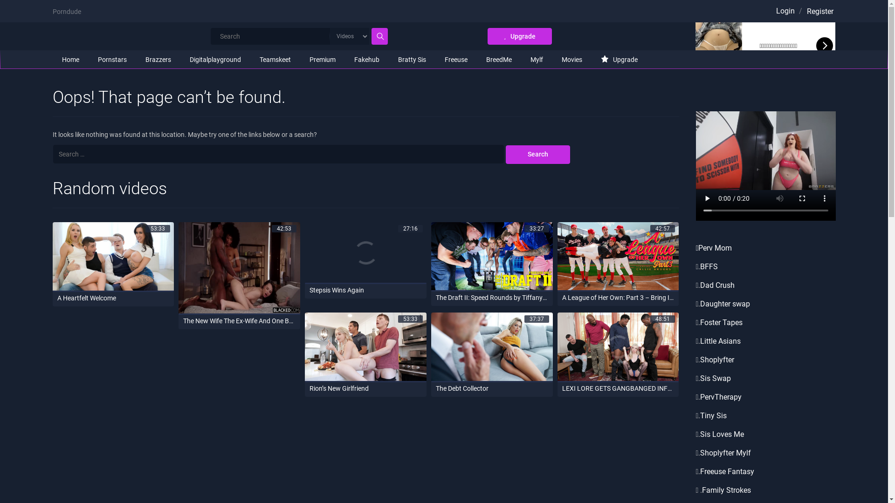 This screenshot has width=895, height=503. Describe the element at coordinates (618, 347) in the screenshot. I see `'48:51'` at that location.